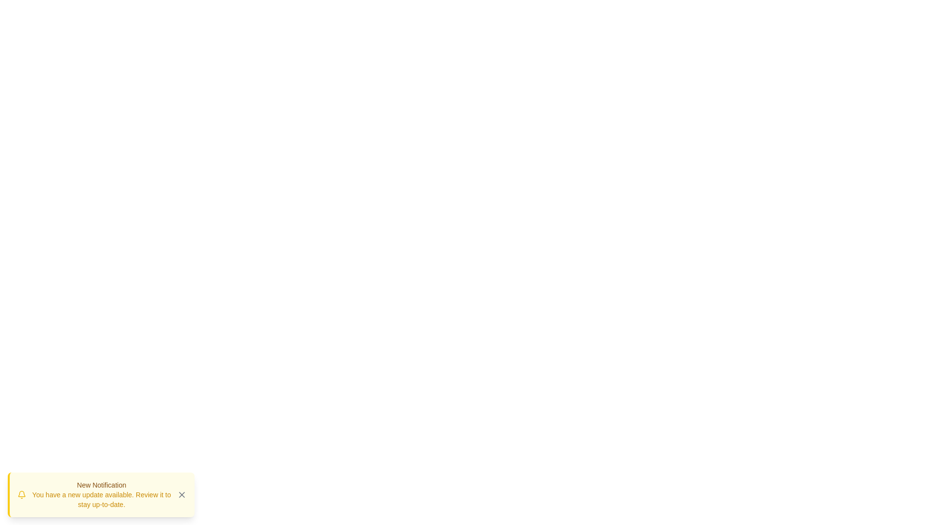  What do you see at coordinates (182, 495) in the screenshot?
I see `the Close Icon button located at the far right of the bottom-left corner notification box` at bounding box center [182, 495].